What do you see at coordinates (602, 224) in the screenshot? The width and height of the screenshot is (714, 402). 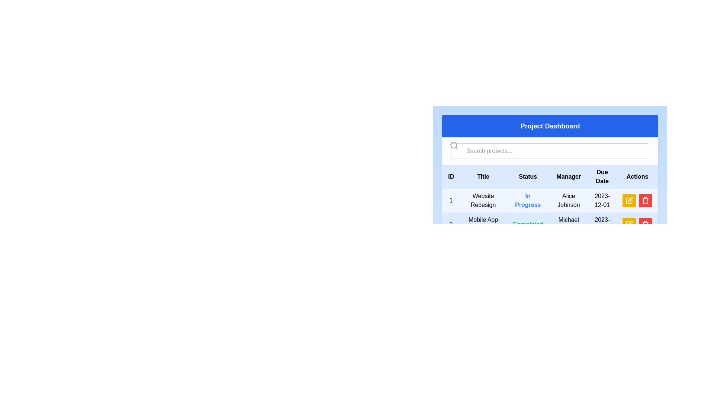 I see `the text label displaying '2023-11-15' in the 'Due Date' column of the 'Project Dashboard' table, which is located in the last cell of the row for 'Mobile App Launch'` at bounding box center [602, 224].